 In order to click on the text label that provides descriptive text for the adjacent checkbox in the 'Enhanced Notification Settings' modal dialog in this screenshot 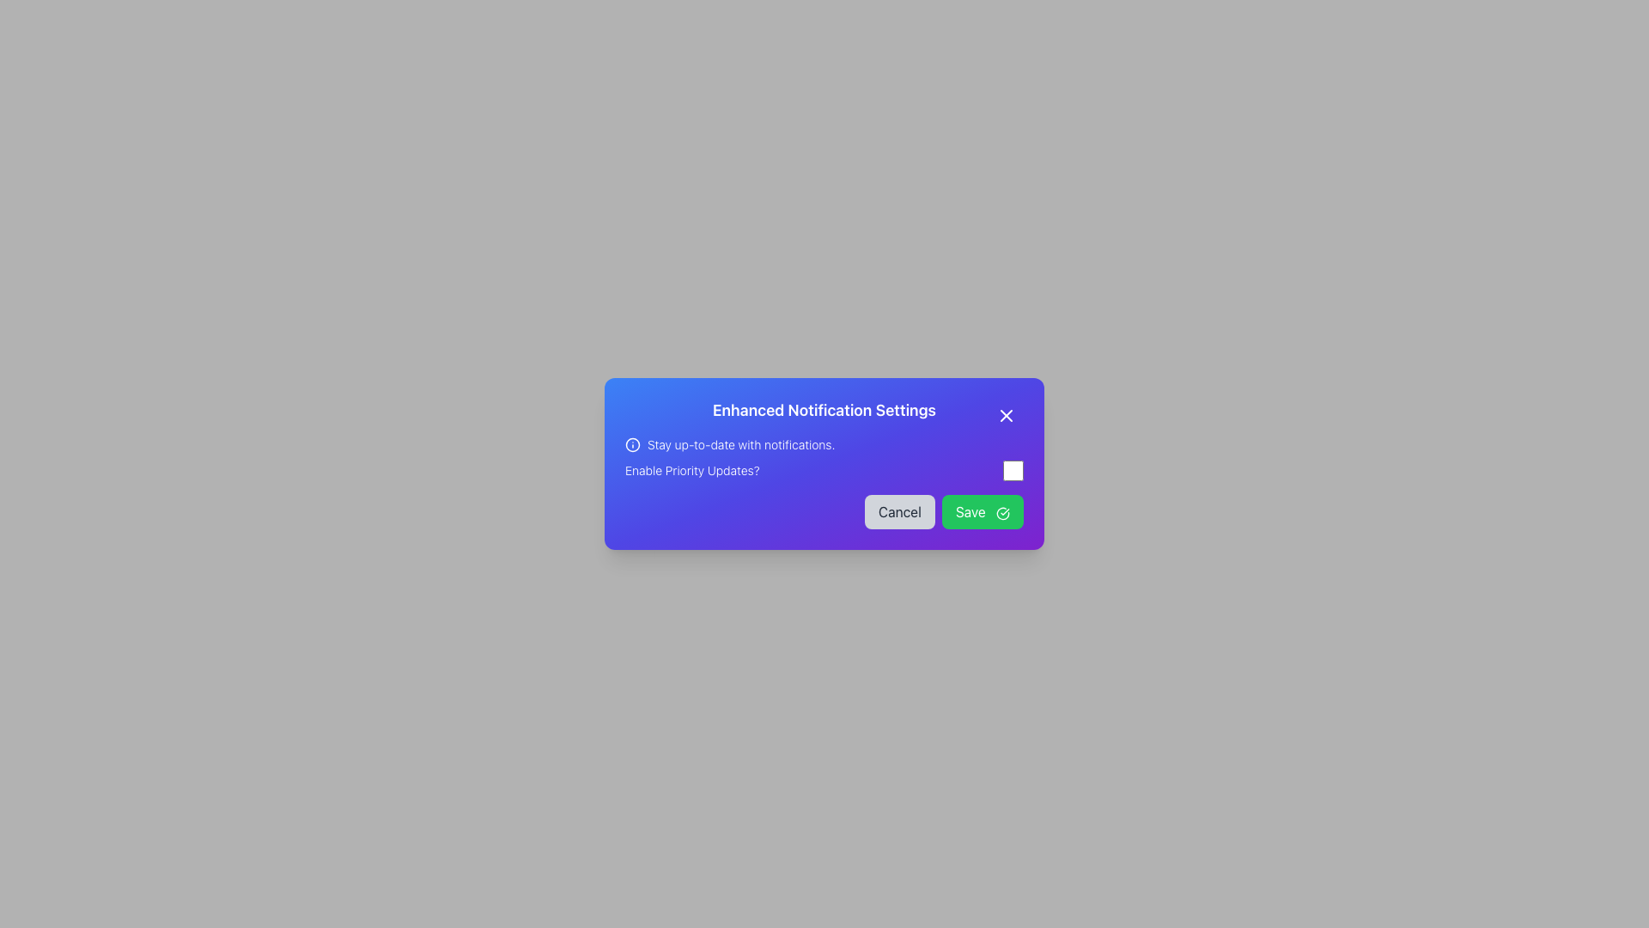, I will do `click(692, 470)`.